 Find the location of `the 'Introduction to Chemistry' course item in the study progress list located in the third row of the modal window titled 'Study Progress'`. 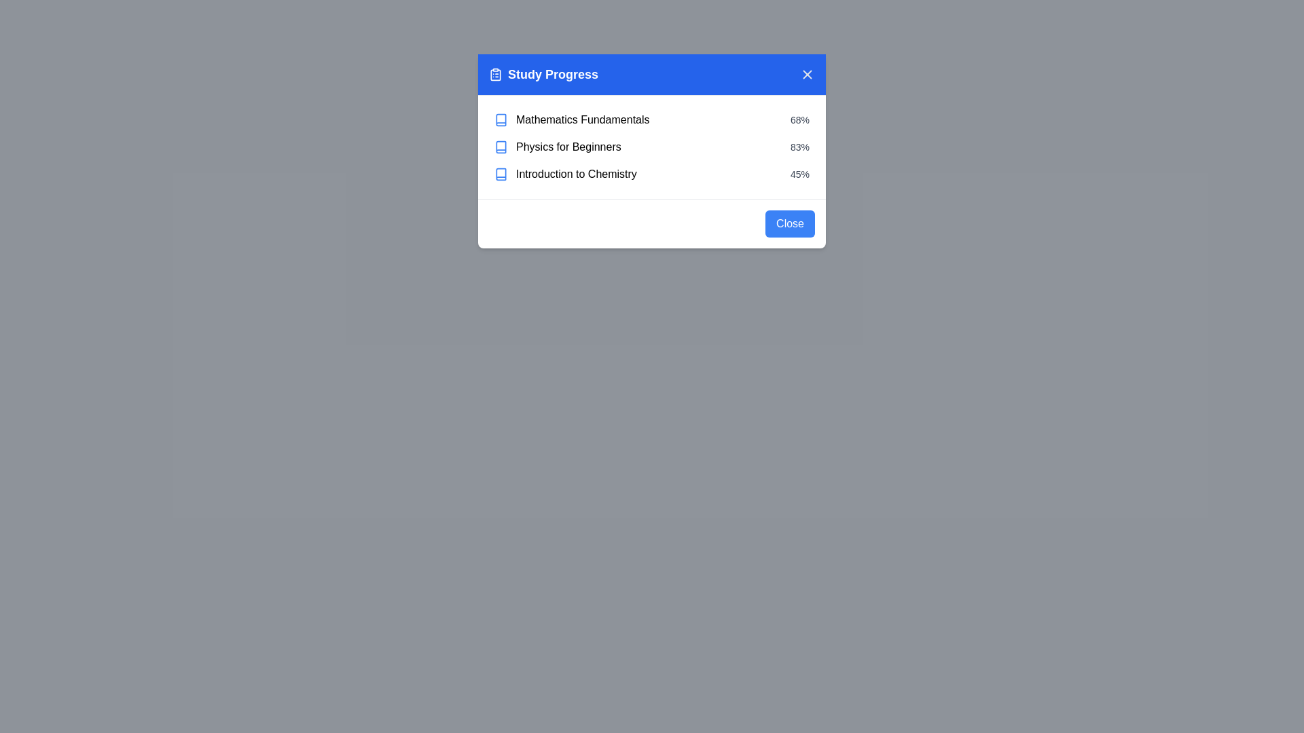

the 'Introduction to Chemistry' course item in the study progress list located in the third row of the modal window titled 'Study Progress' is located at coordinates (565, 174).